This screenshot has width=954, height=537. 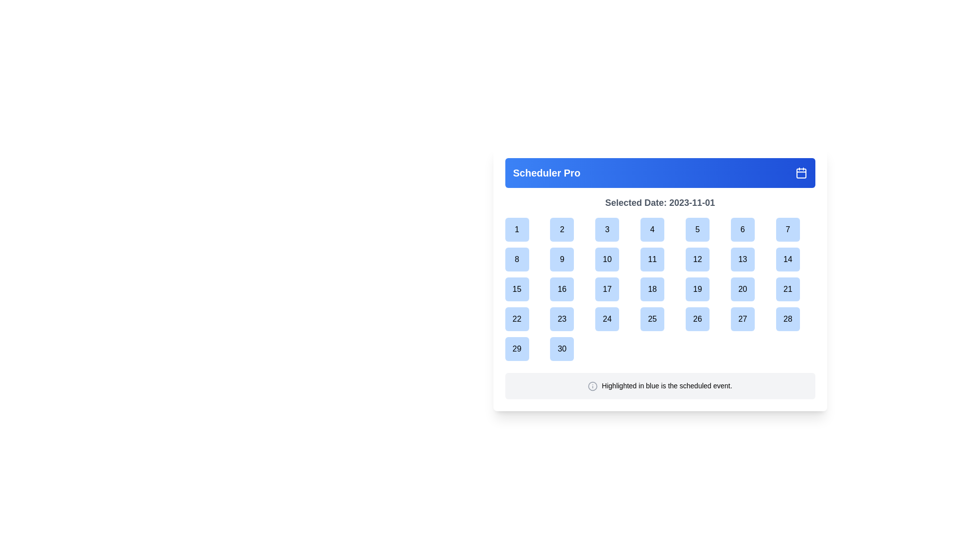 What do you see at coordinates (524, 230) in the screenshot?
I see `the first day of the calendar month represented by the Calendar Day Cell` at bounding box center [524, 230].